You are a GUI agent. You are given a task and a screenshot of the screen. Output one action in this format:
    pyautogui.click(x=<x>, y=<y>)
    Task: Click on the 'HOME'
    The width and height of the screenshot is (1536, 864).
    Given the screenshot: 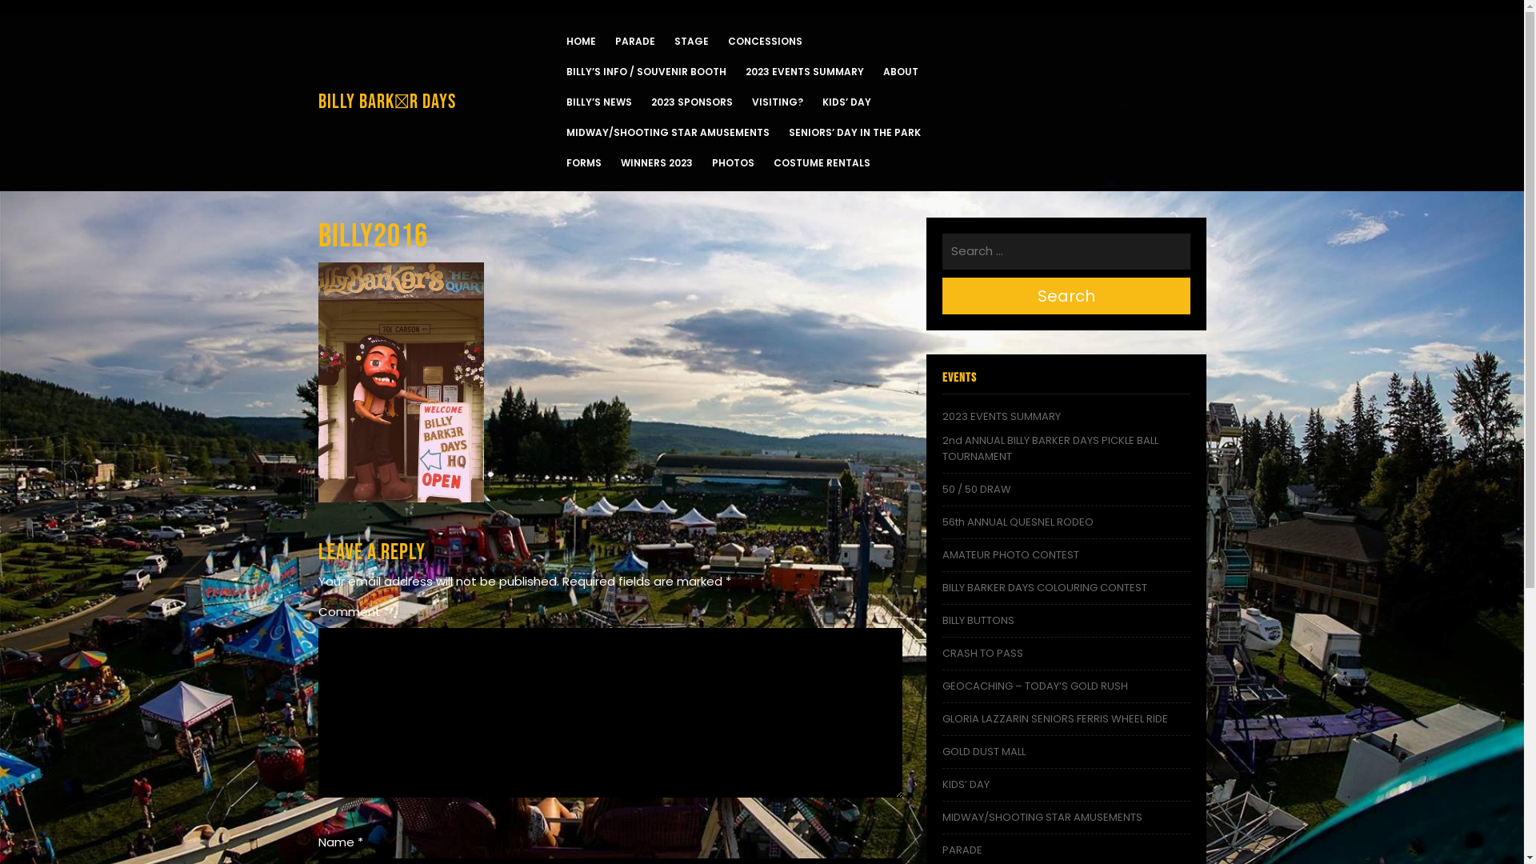 What is the action you would take?
    pyautogui.click(x=580, y=40)
    